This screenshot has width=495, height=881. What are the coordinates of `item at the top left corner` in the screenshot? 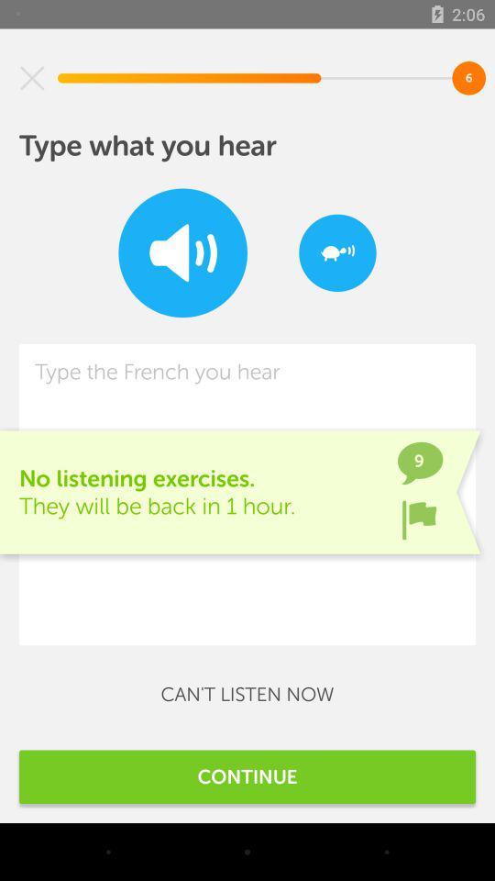 It's located at (32, 78).